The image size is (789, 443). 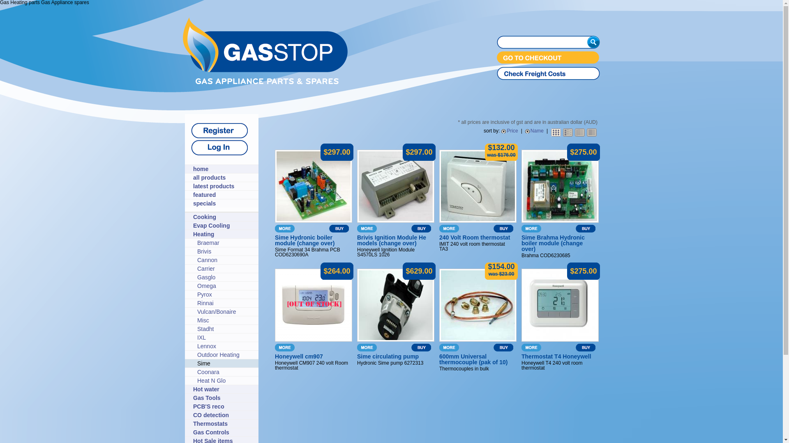 What do you see at coordinates (226, 311) in the screenshot?
I see `'Vulcan/Bonaire'` at bounding box center [226, 311].